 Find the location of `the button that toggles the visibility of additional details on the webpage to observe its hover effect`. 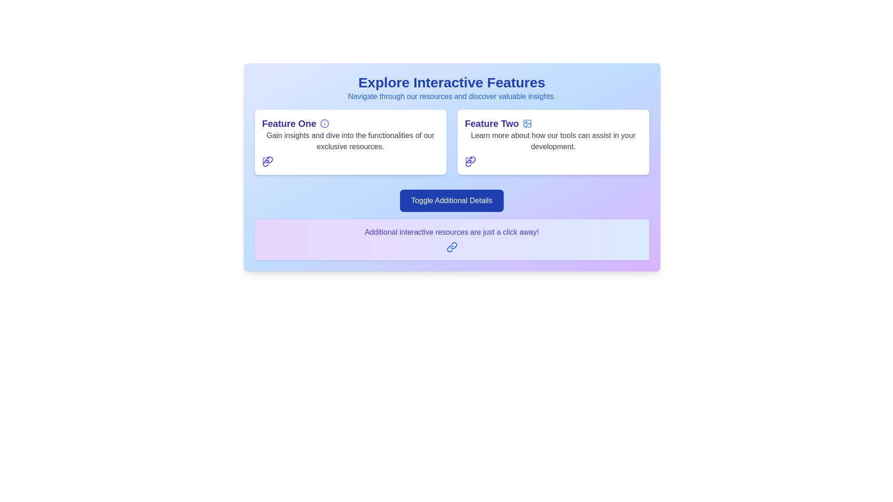

the button that toggles the visibility of additional details on the webpage to observe its hover effect is located at coordinates (452, 200).